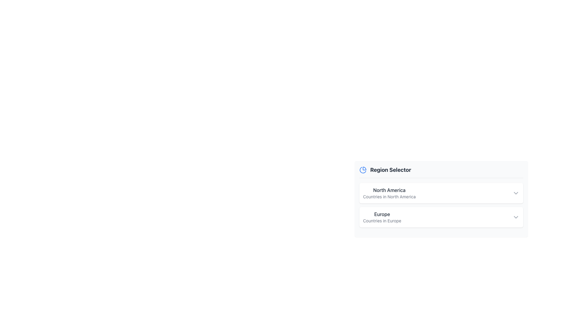 This screenshot has height=325, width=578. What do you see at coordinates (515, 217) in the screenshot?
I see `the expand/collapse icon at the rightmost end of the 'Europe - Countries in Europe' entry to change its color` at bounding box center [515, 217].